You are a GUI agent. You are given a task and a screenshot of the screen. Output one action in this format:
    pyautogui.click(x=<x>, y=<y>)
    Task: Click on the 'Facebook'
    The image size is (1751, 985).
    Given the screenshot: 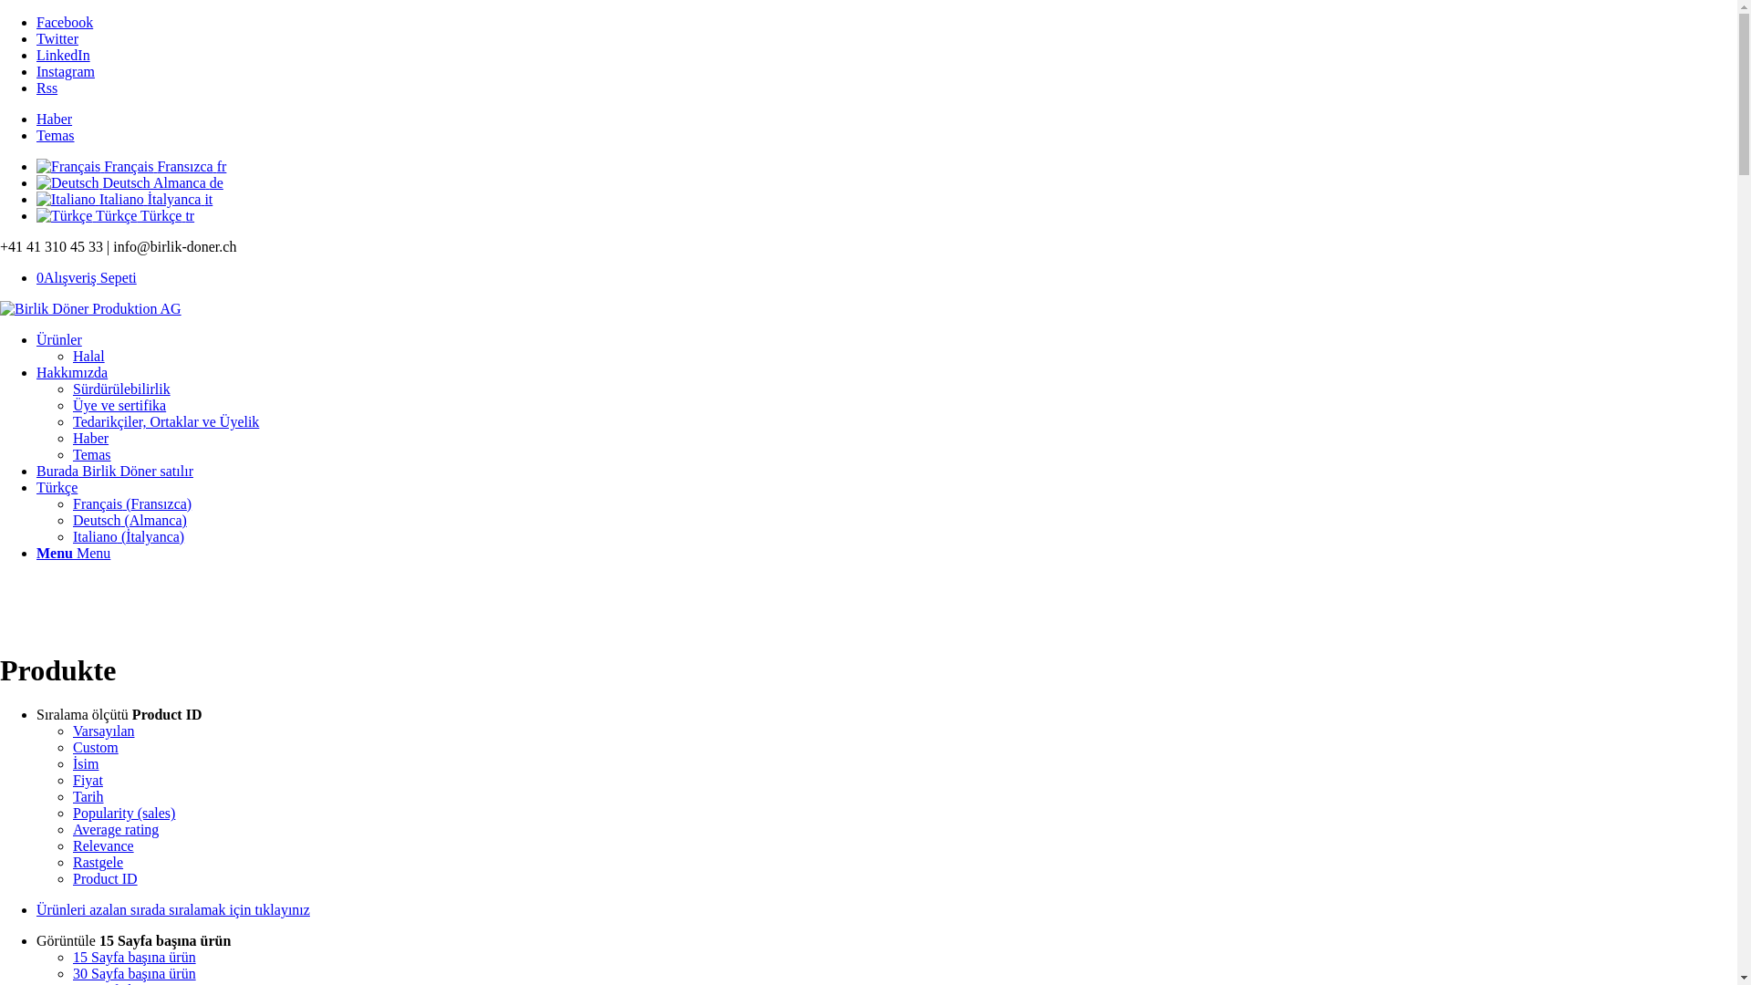 What is the action you would take?
    pyautogui.click(x=65, y=22)
    